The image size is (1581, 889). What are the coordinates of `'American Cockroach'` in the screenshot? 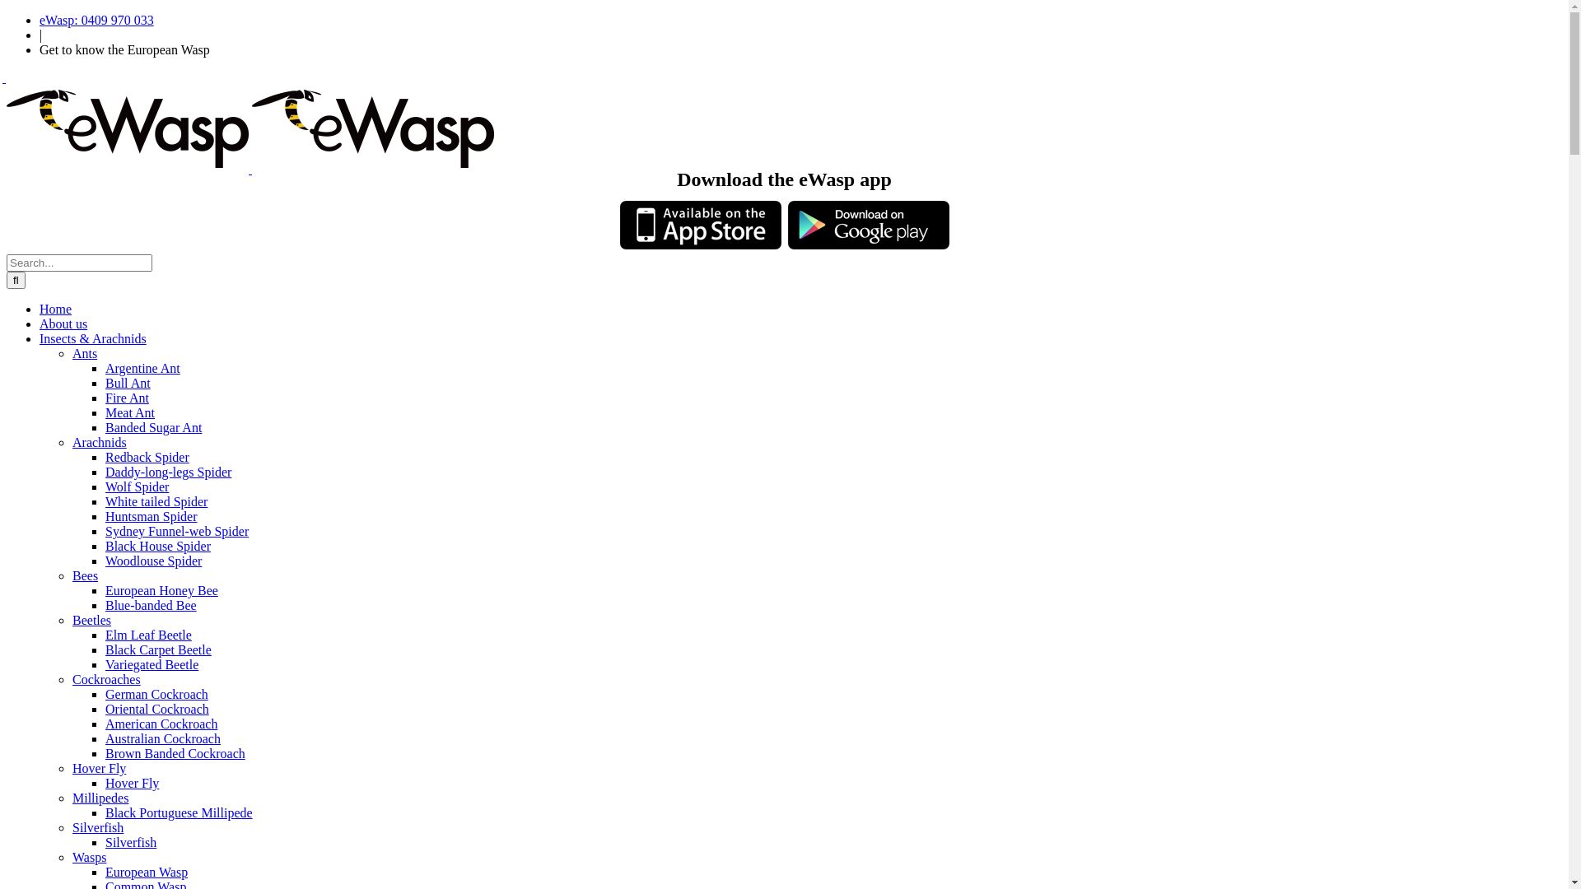 It's located at (161, 723).